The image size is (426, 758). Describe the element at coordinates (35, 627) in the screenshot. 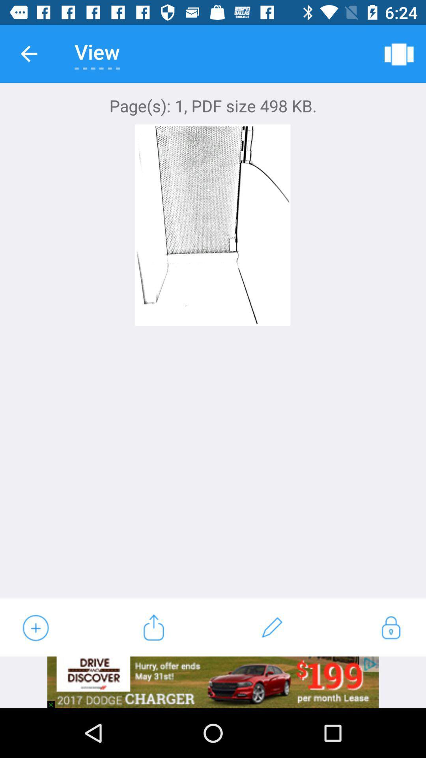

I see `the add icon` at that location.